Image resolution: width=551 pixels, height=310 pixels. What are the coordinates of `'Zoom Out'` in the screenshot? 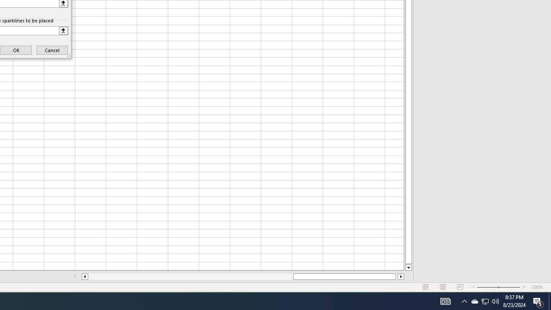 It's located at (487, 287).